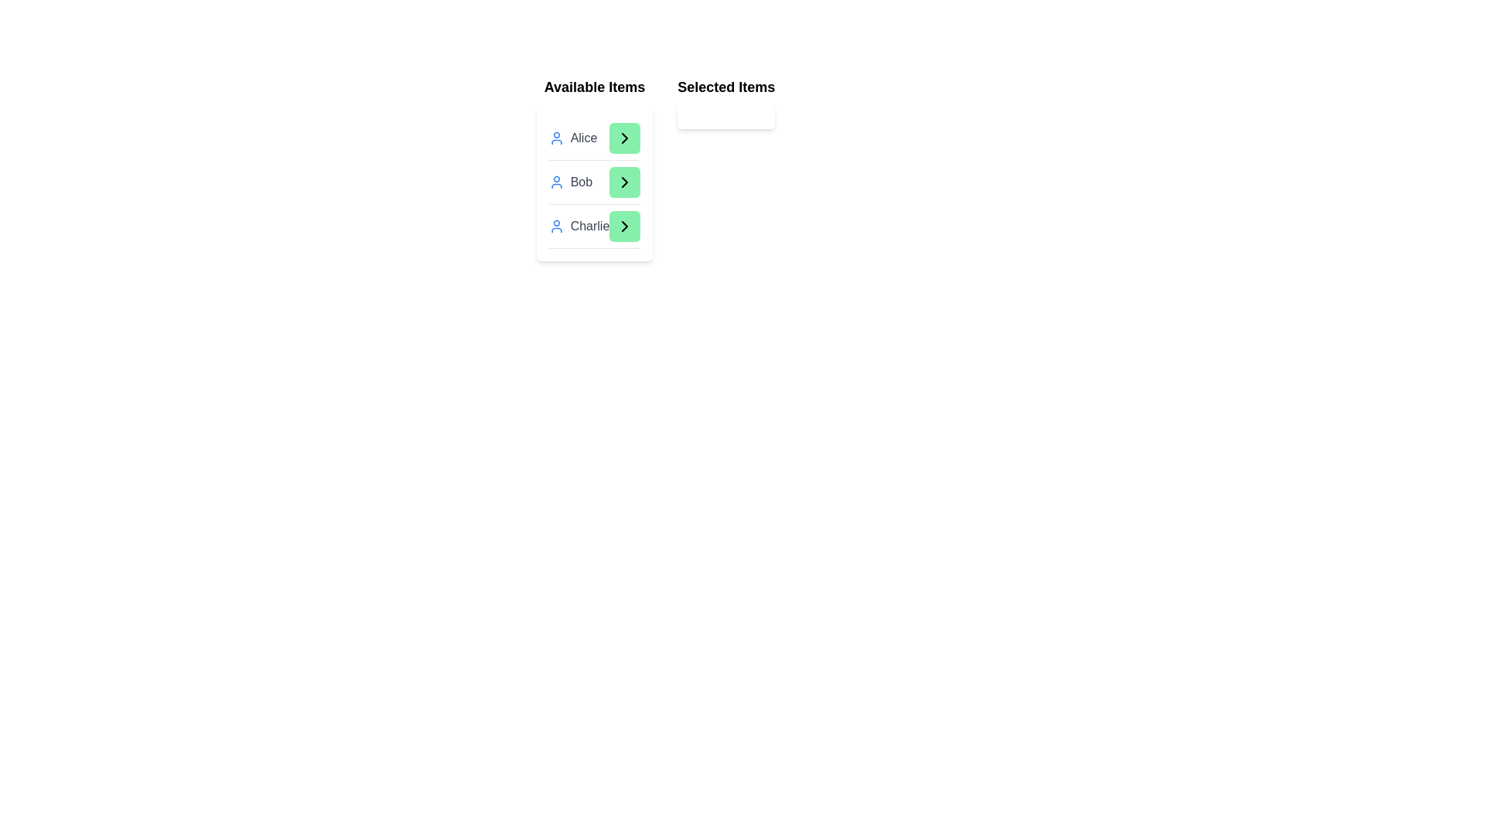 This screenshot has height=835, width=1485. What do you see at coordinates (624, 181) in the screenshot?
I see `the transfer icon next to Bob to move it to the other list` at bounding box center [624, 181].